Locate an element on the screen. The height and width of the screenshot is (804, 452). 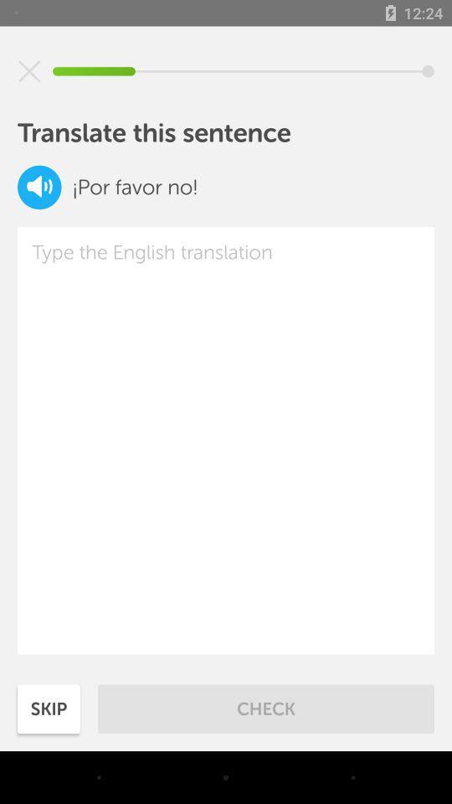
the icon below translate this sentence is located at coordinates (39, 187).